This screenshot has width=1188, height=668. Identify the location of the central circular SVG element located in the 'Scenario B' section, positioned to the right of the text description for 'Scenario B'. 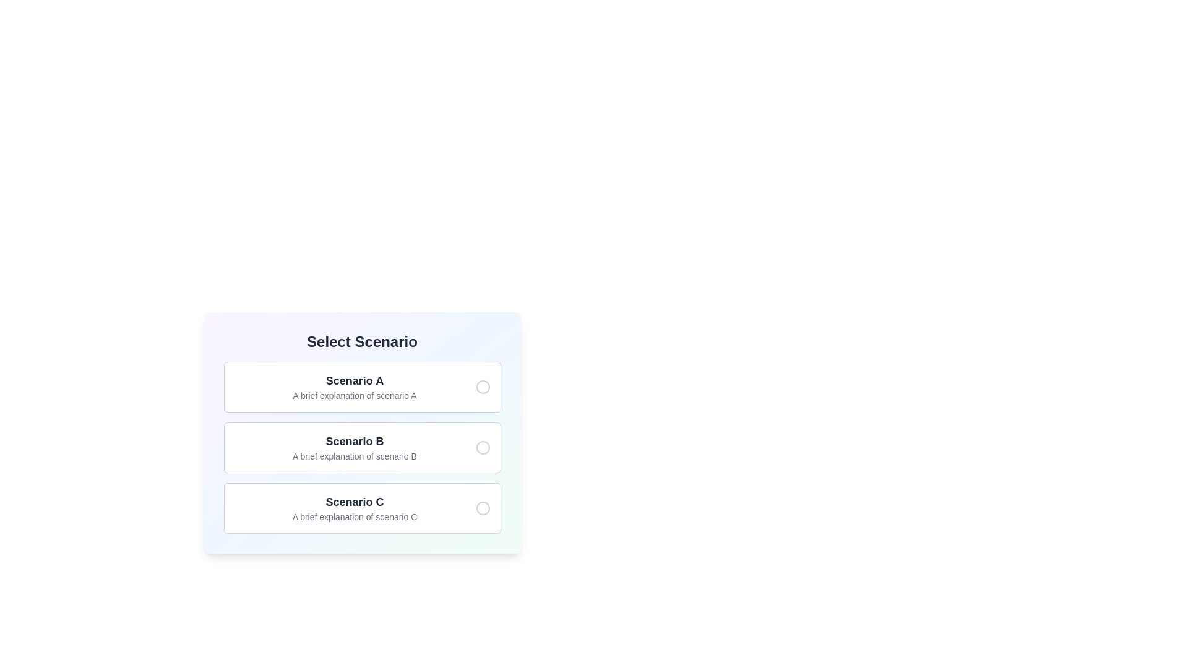
(482, 448).